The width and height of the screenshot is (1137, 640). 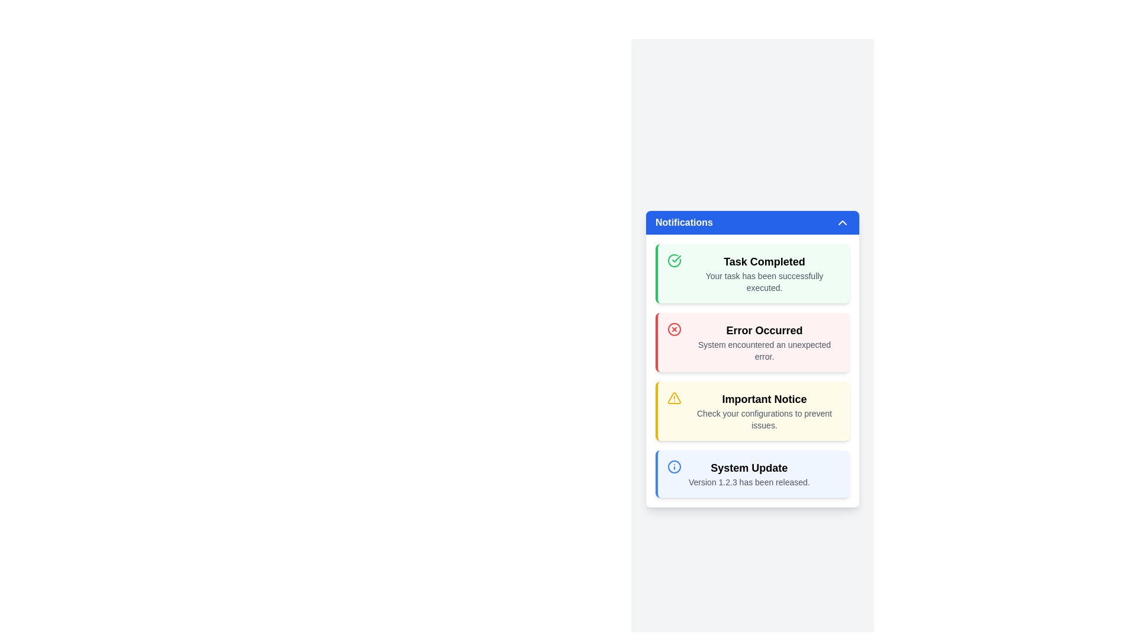 What do you see at coordinates (674, 260) in the screenshot?
I see `the green circular outline icon with a checkmark, which indicates a 'success' or 'completed' state, located at the top-left corner of the success notification` at bounding box center [674, 260].